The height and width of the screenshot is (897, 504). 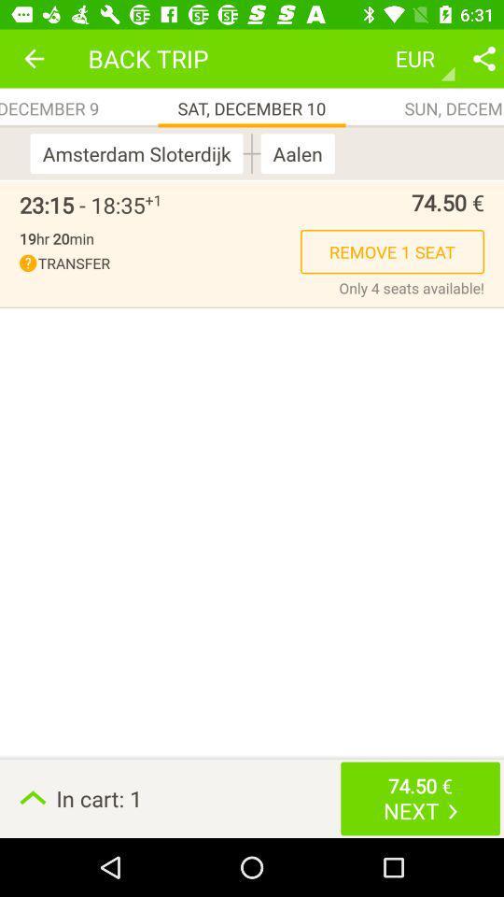 What do you see at coordinates (483, 58) in the screenshot?
I see `the item to the right of eur` at bounding box center [483, 58].